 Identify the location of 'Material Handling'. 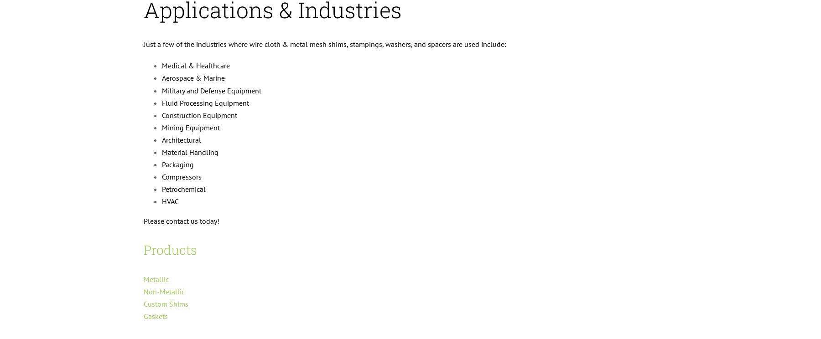
(190, 152).